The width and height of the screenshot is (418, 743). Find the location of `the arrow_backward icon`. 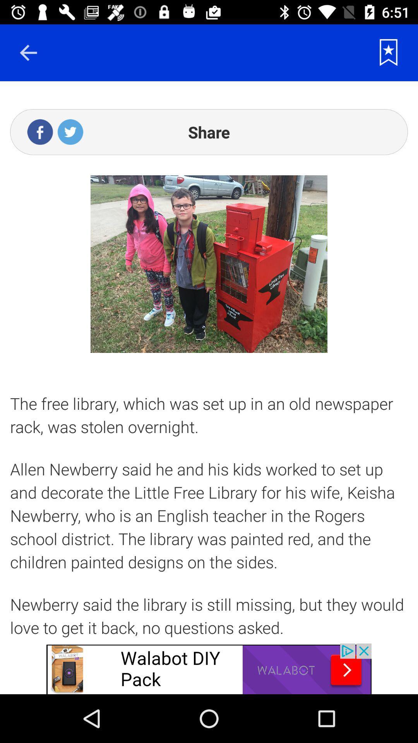

the arrow_backward icon is located at coordinates (28, 52).